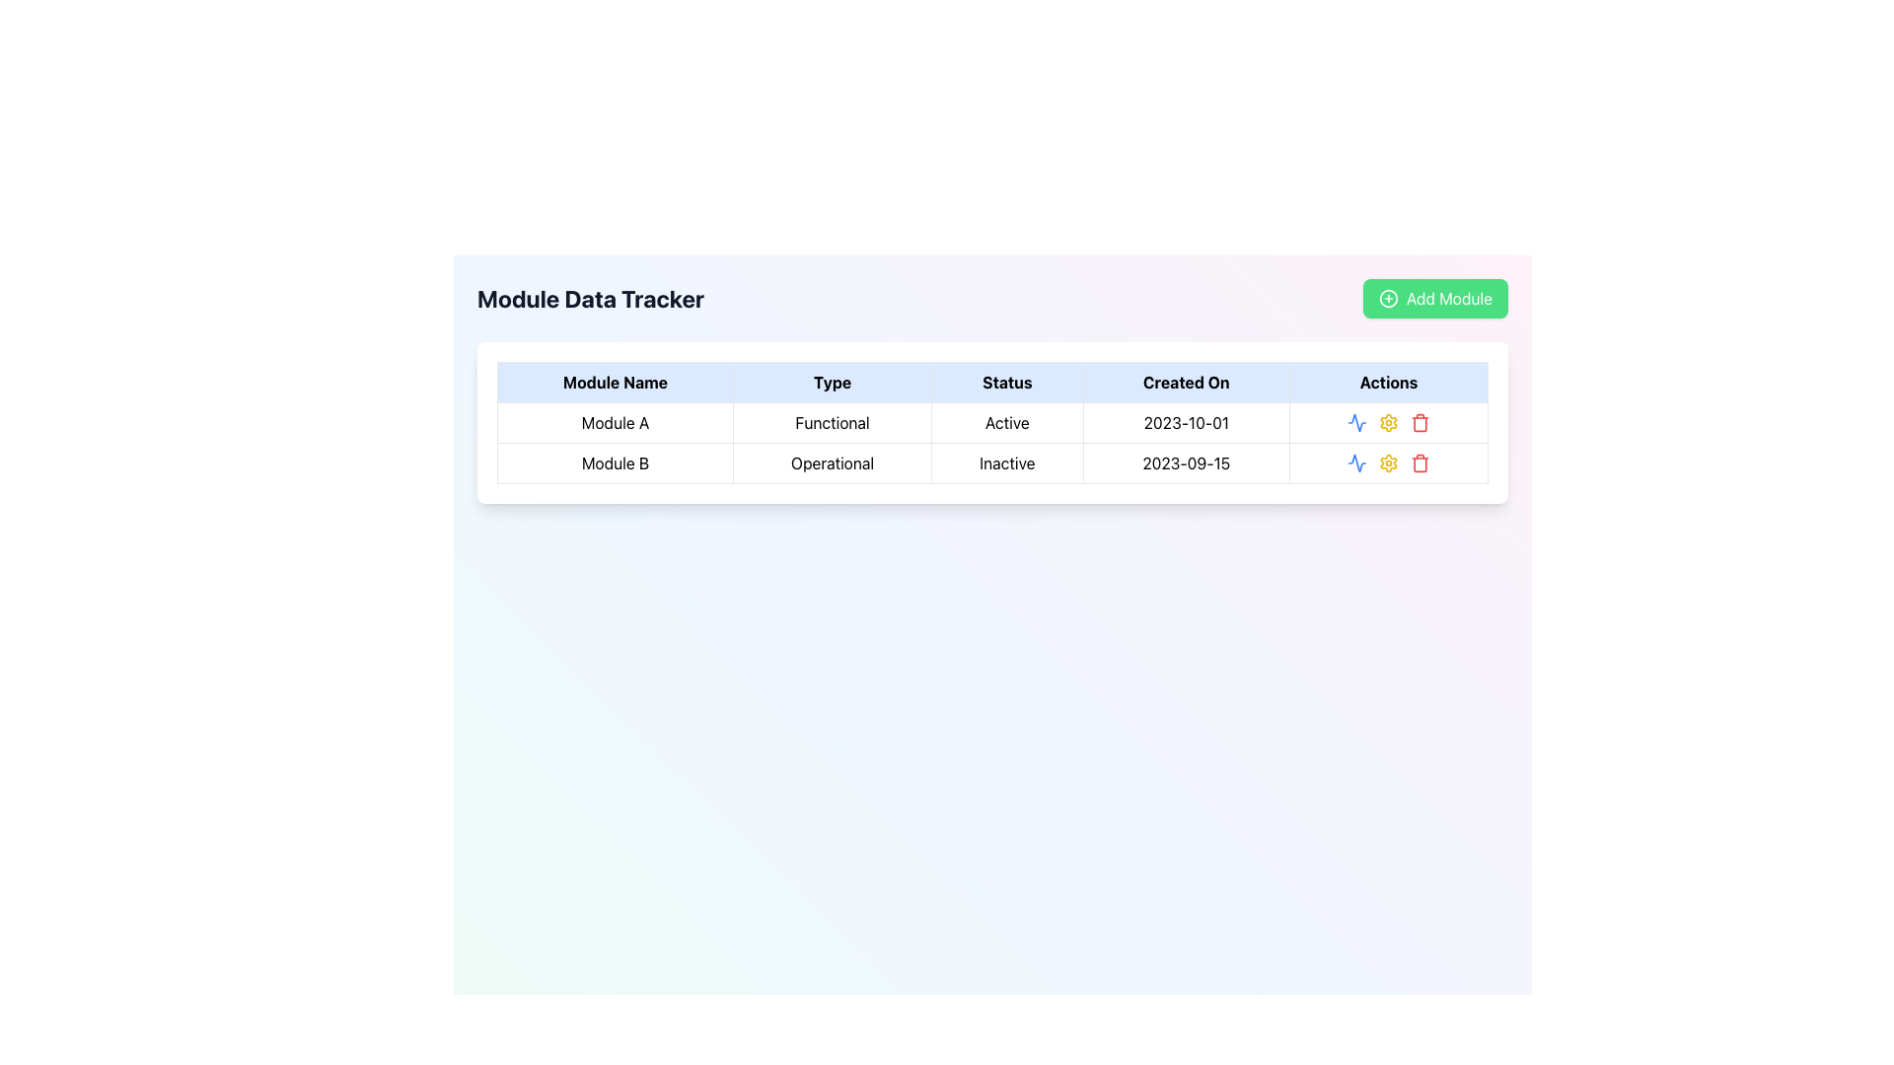 This screenshot has height=1065, width=1894. I want to click on the SVG Circle that is part of the green 'Add Module' button located in the upper-right corner of the interface, so click(1387, 299).